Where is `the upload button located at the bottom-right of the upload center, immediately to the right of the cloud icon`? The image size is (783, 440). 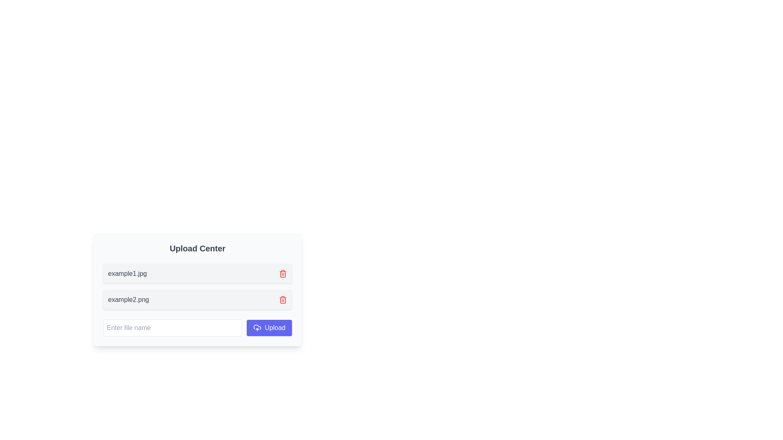 the upload button located at the bottom-right of the upload center, immediately to the right of the cloud icon is located at coordinates (275, 328).